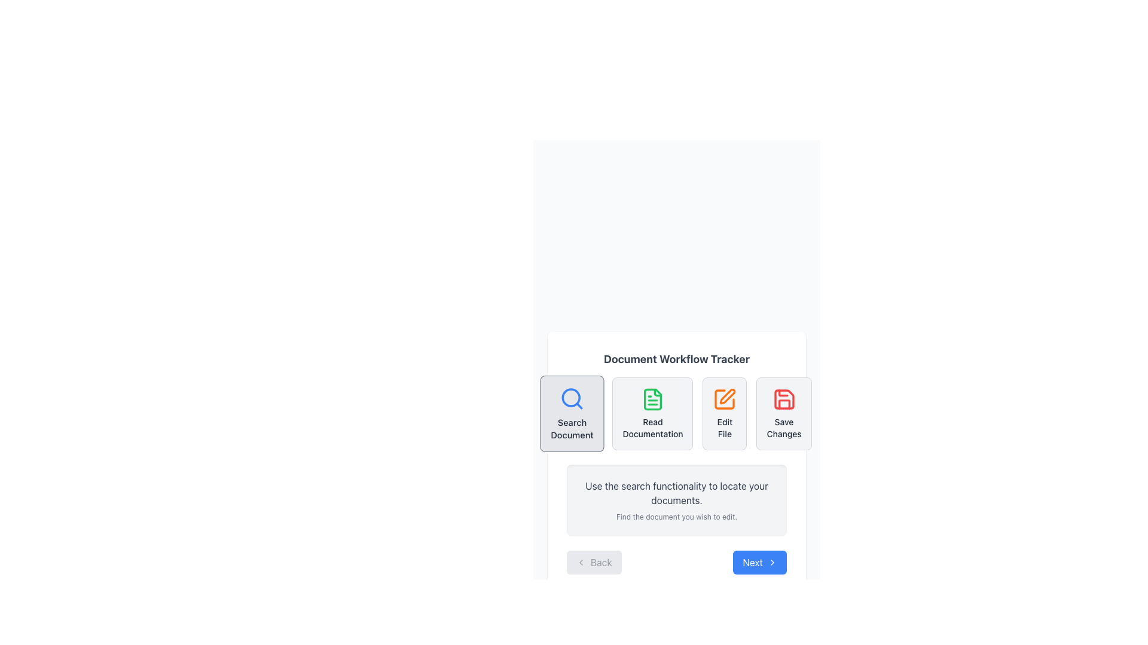  I want to click on the orange pen icon within the 'Edit File' button, which is the third button in a row of four buttons labeled 'Search Document,' 'Read Documentation,' 'Edit File,' and 'Save Changes.', so click(727, 396).